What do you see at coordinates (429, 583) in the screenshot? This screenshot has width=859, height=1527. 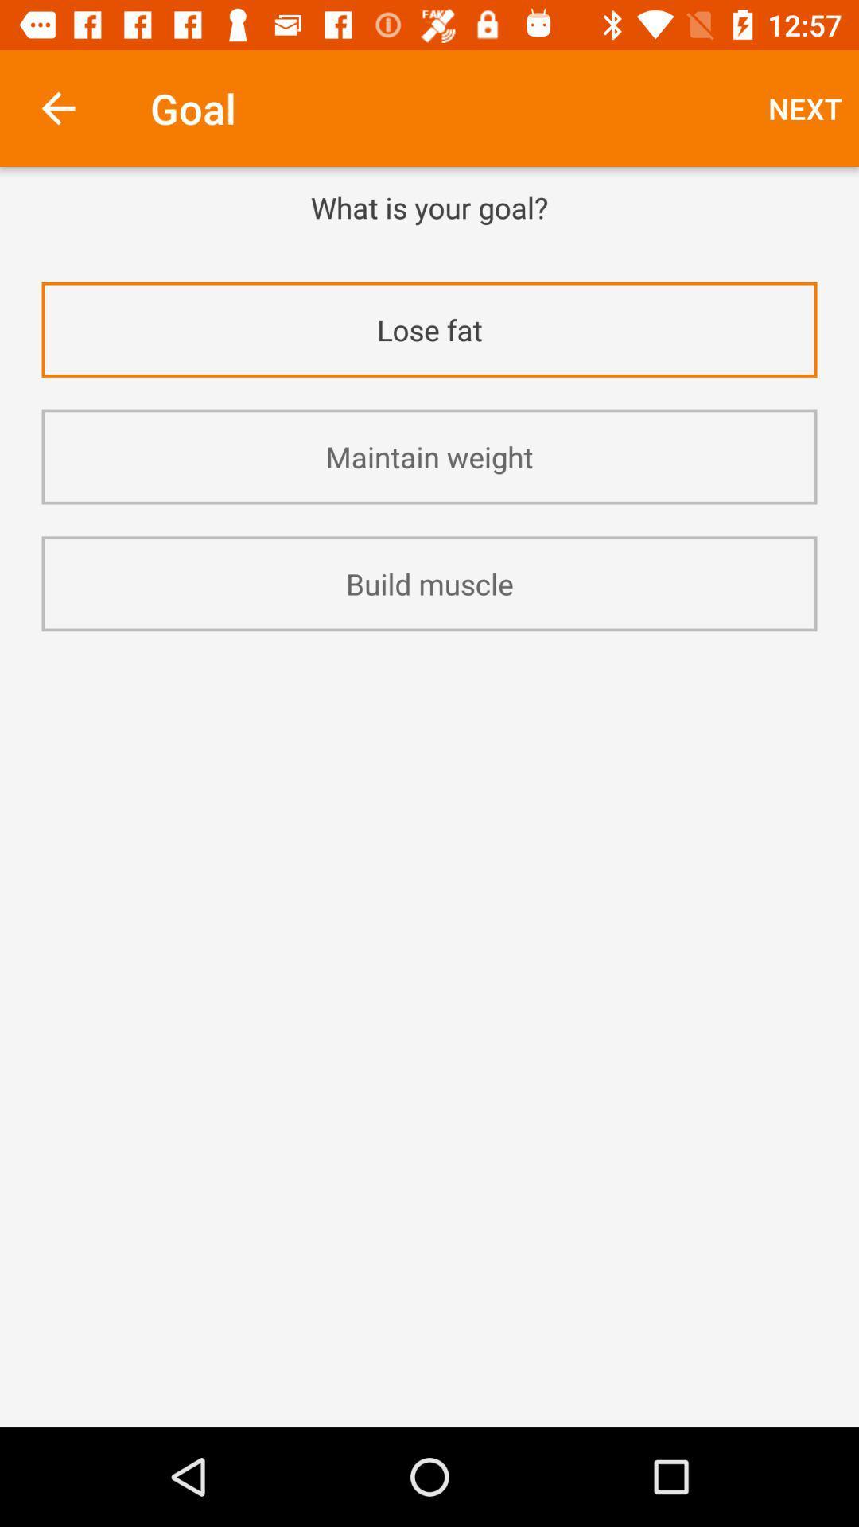 I see `build muscle icon` at bounding box center [429, 583].